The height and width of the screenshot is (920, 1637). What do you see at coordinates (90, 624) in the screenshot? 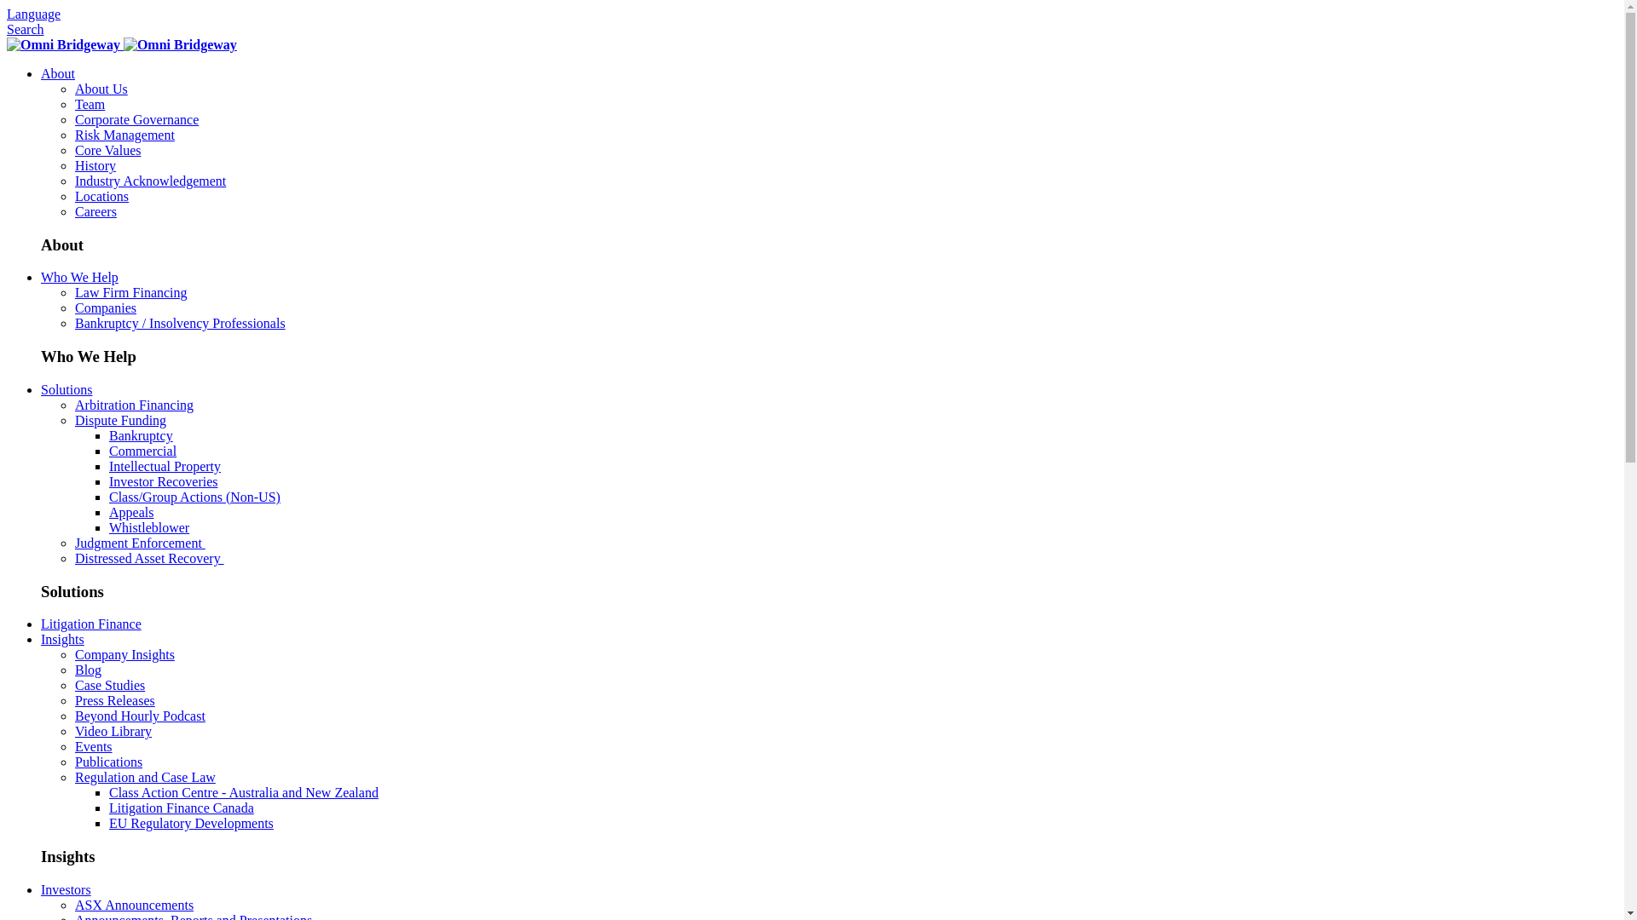
I see `'Litigation Finance'` at bounding box center [90, 624].